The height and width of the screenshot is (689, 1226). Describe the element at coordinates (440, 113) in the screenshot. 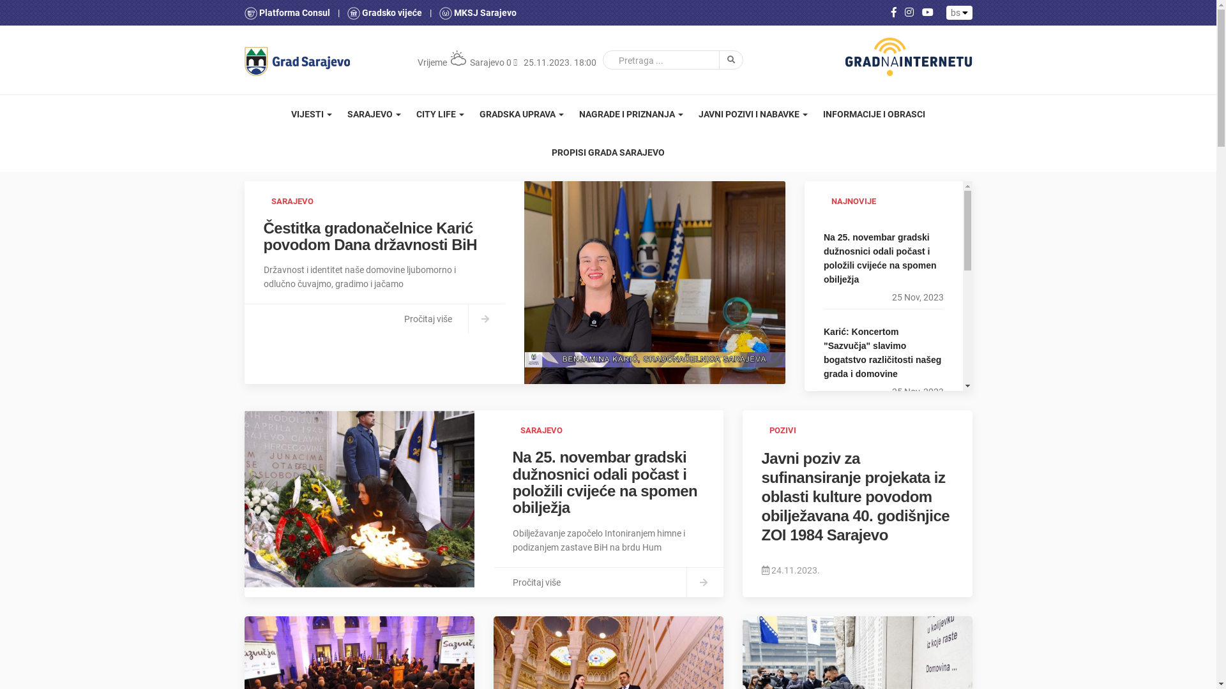

I see `'CITY LIFE'` at that location.